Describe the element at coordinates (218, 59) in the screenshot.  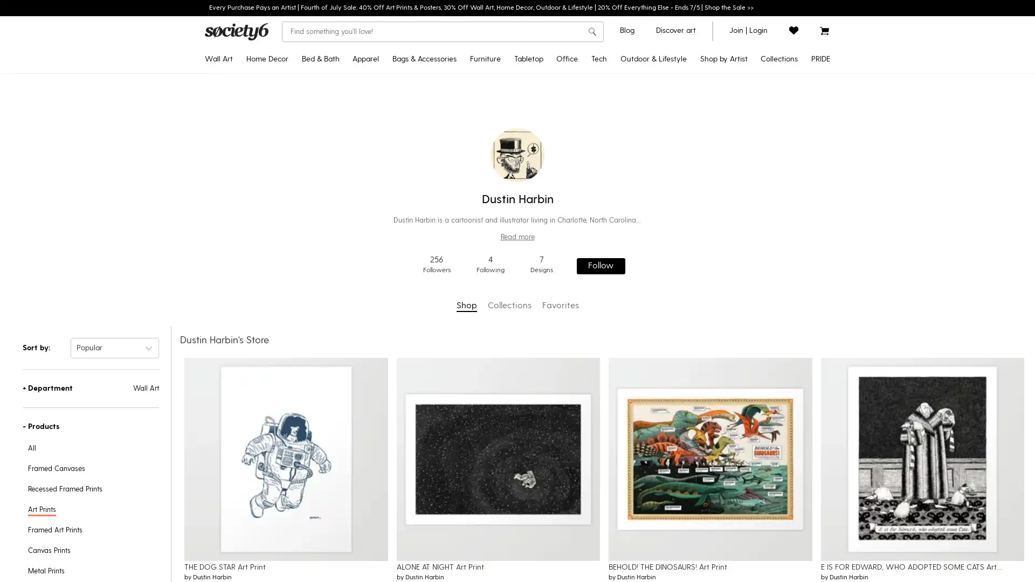
I see `Wall Art` at that location.